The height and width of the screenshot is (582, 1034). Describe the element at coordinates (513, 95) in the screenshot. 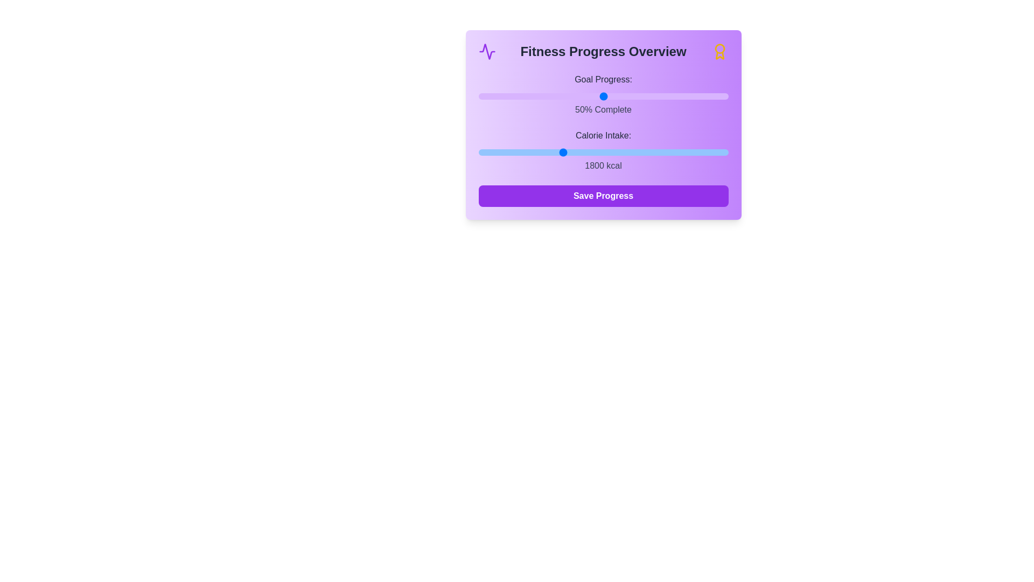

I see `the goal progress slider` at that location.